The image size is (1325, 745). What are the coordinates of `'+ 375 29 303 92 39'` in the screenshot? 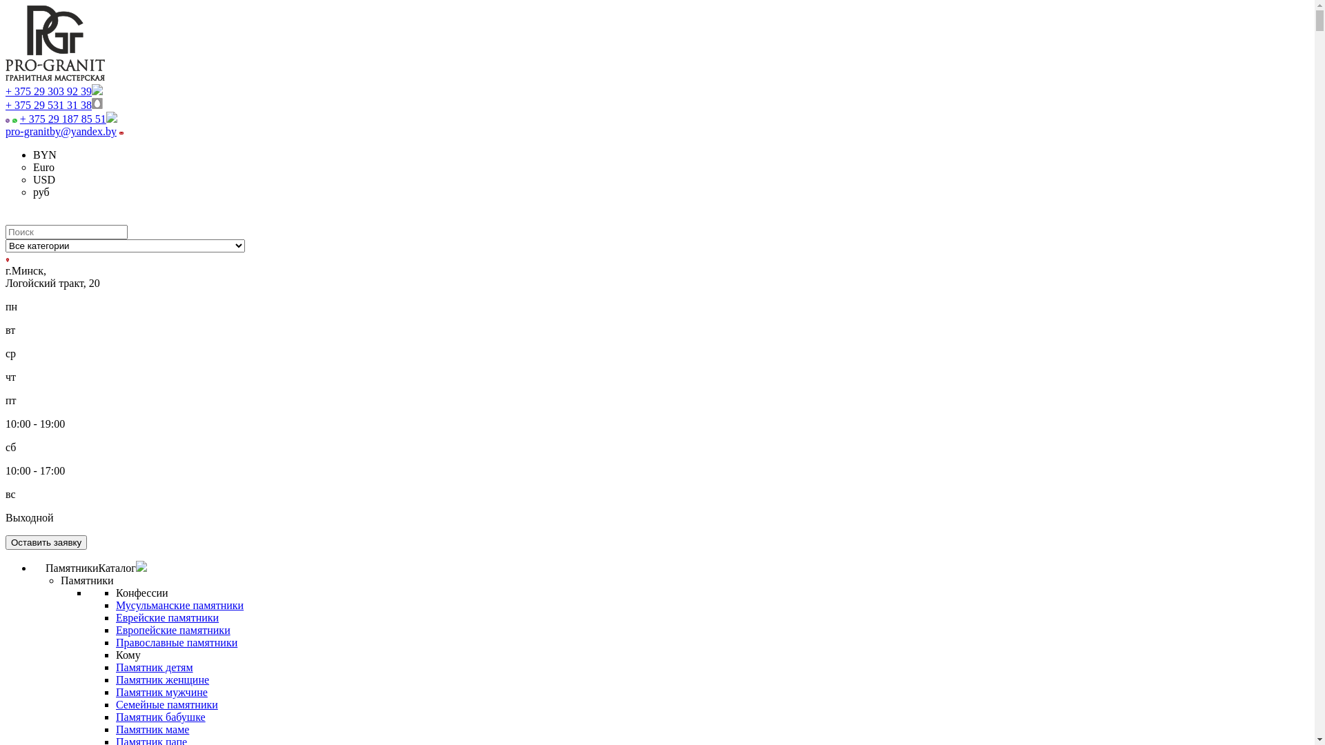 It's located at (54, 91).